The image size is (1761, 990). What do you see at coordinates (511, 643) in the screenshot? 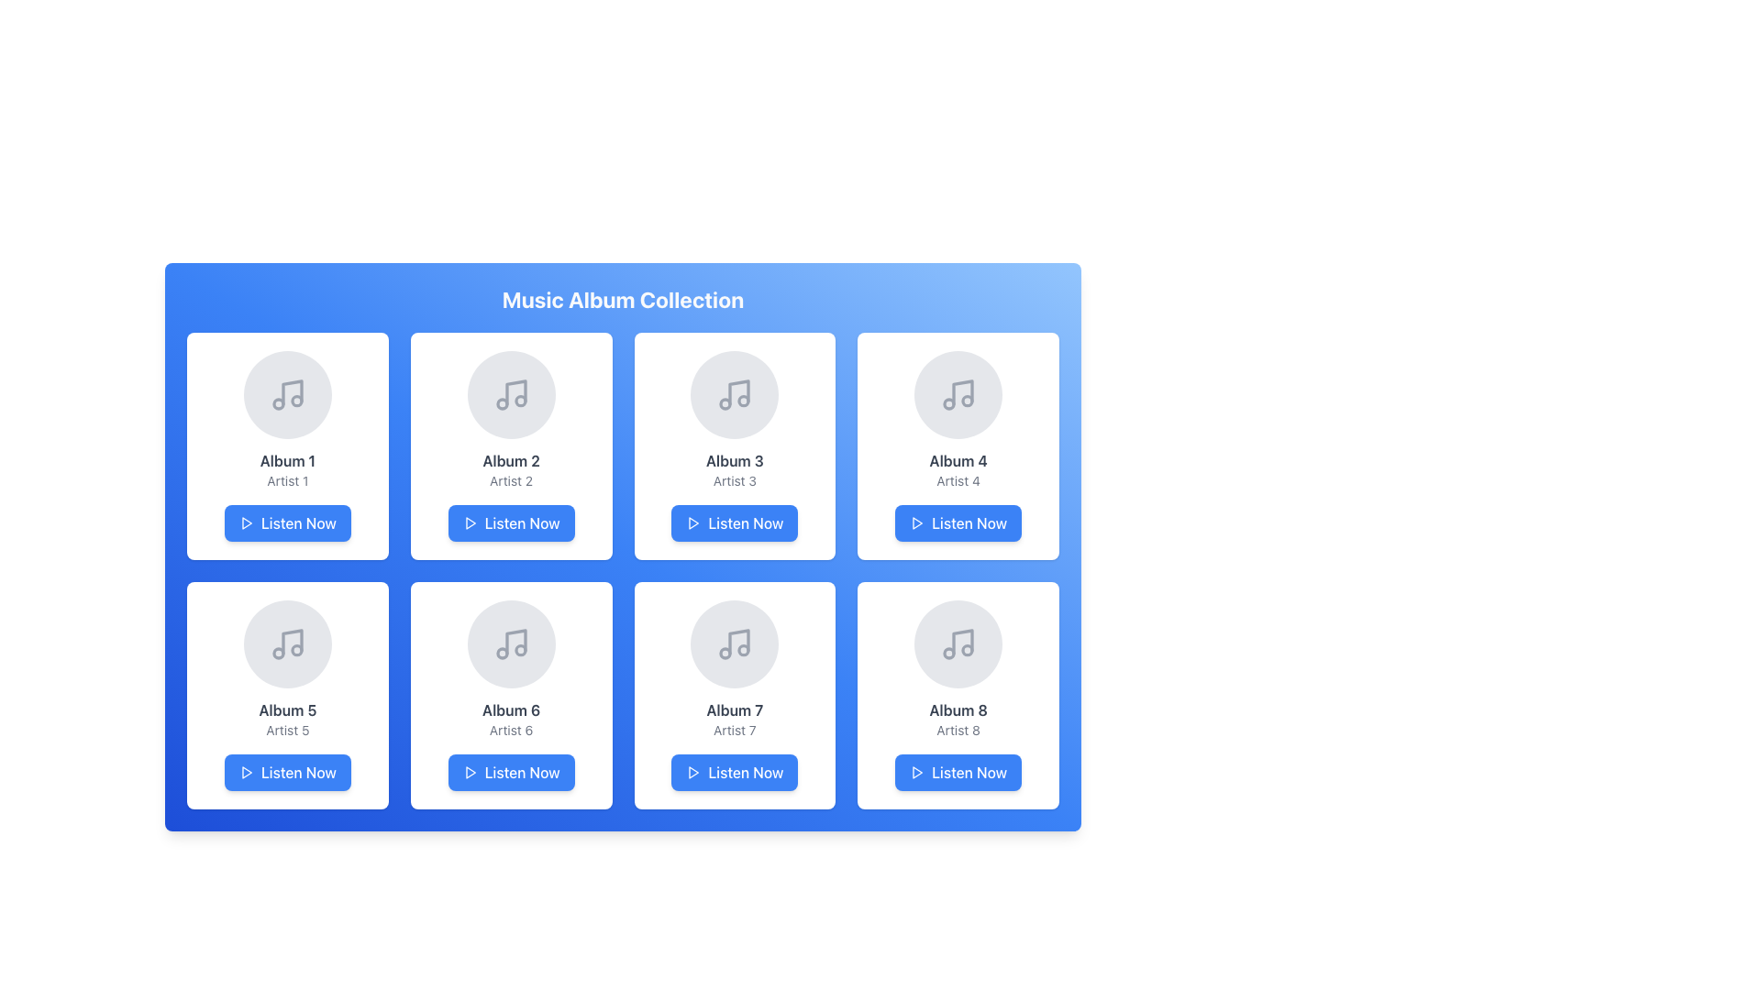
I see `the decorative music icon in the circular segment of the 'Album 6' card located in the second row, third column of the music grid layout` at bounding box center [511, 643].